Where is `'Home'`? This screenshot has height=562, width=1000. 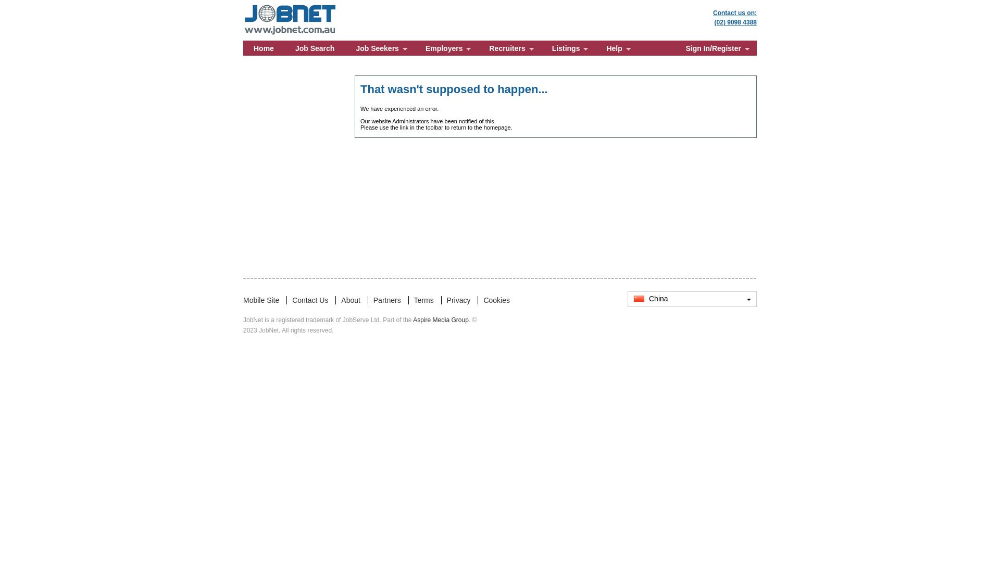 'Home' is located at coordinates (242, 48).